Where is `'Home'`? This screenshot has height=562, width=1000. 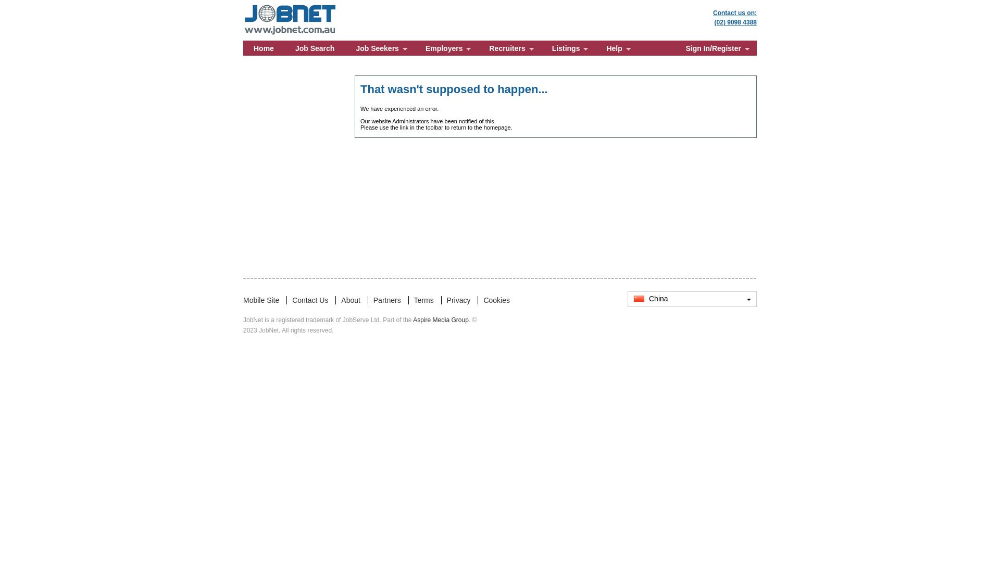 'Home' is located at coordinates (242, 48).